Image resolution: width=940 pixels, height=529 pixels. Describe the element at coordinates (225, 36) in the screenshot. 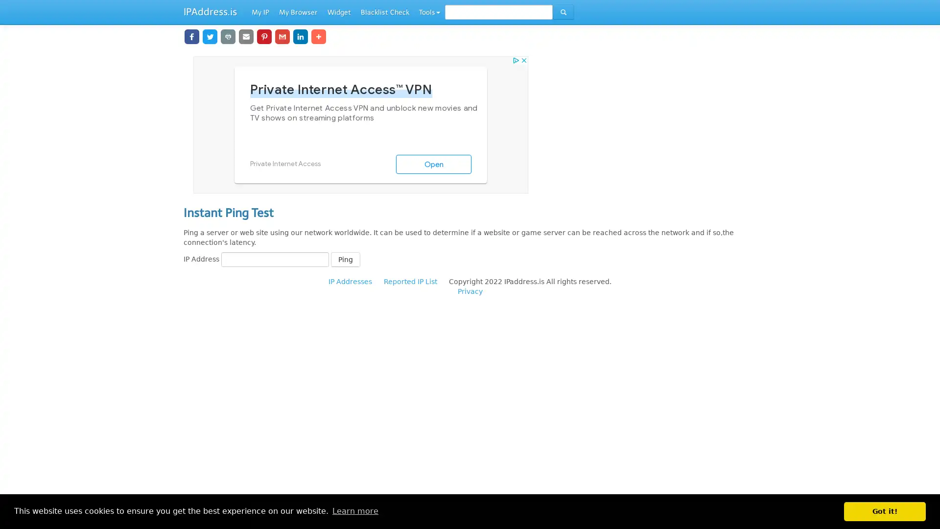

I see `Share to Print` at that location.